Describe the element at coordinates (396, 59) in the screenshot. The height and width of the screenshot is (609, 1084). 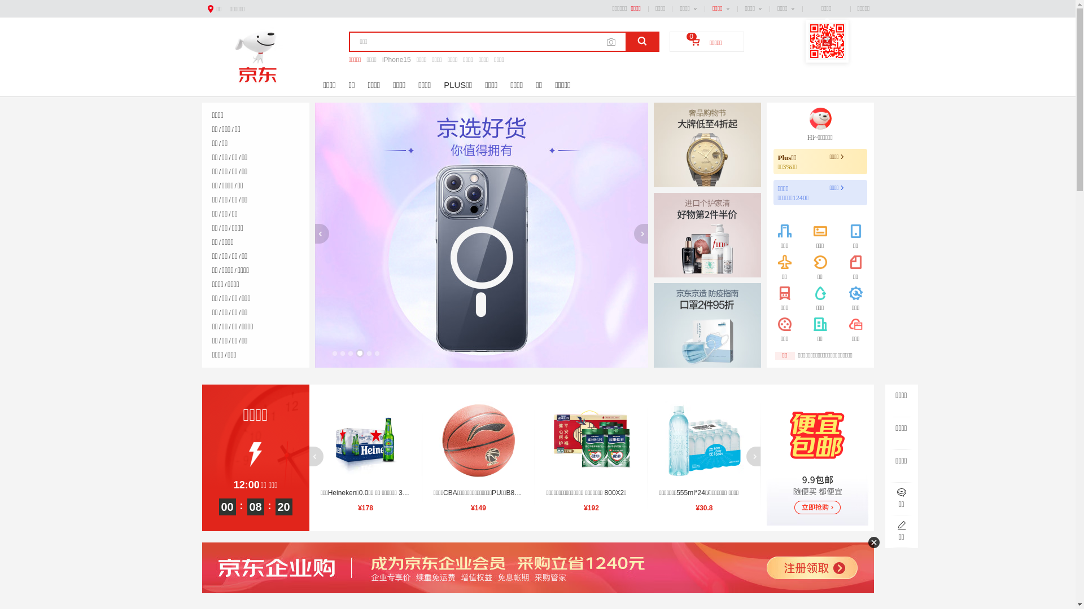
I see `'iPhone15'` at that location.